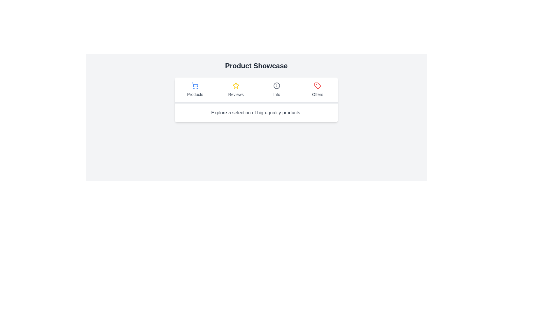  Describe the element at coordinates (256, 99) in the screenshot. I see `the navigation bar located below the title 'Product Showcase'` at that location.